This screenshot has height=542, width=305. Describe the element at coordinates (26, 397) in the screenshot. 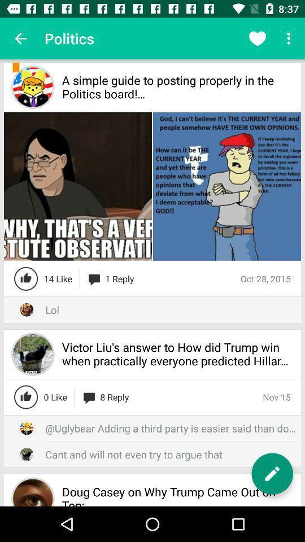

I see `like this` at that location.